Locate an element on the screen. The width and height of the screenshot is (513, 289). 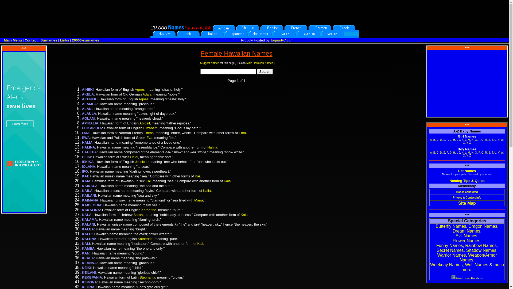
'Butterfly Names' is located at coordinates (451, 226).